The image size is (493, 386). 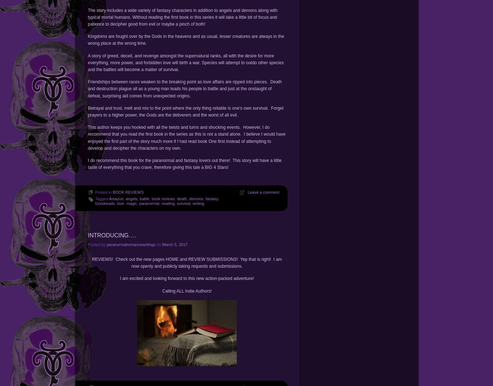 I want to click on 'reading', so click(x=168, y=203).